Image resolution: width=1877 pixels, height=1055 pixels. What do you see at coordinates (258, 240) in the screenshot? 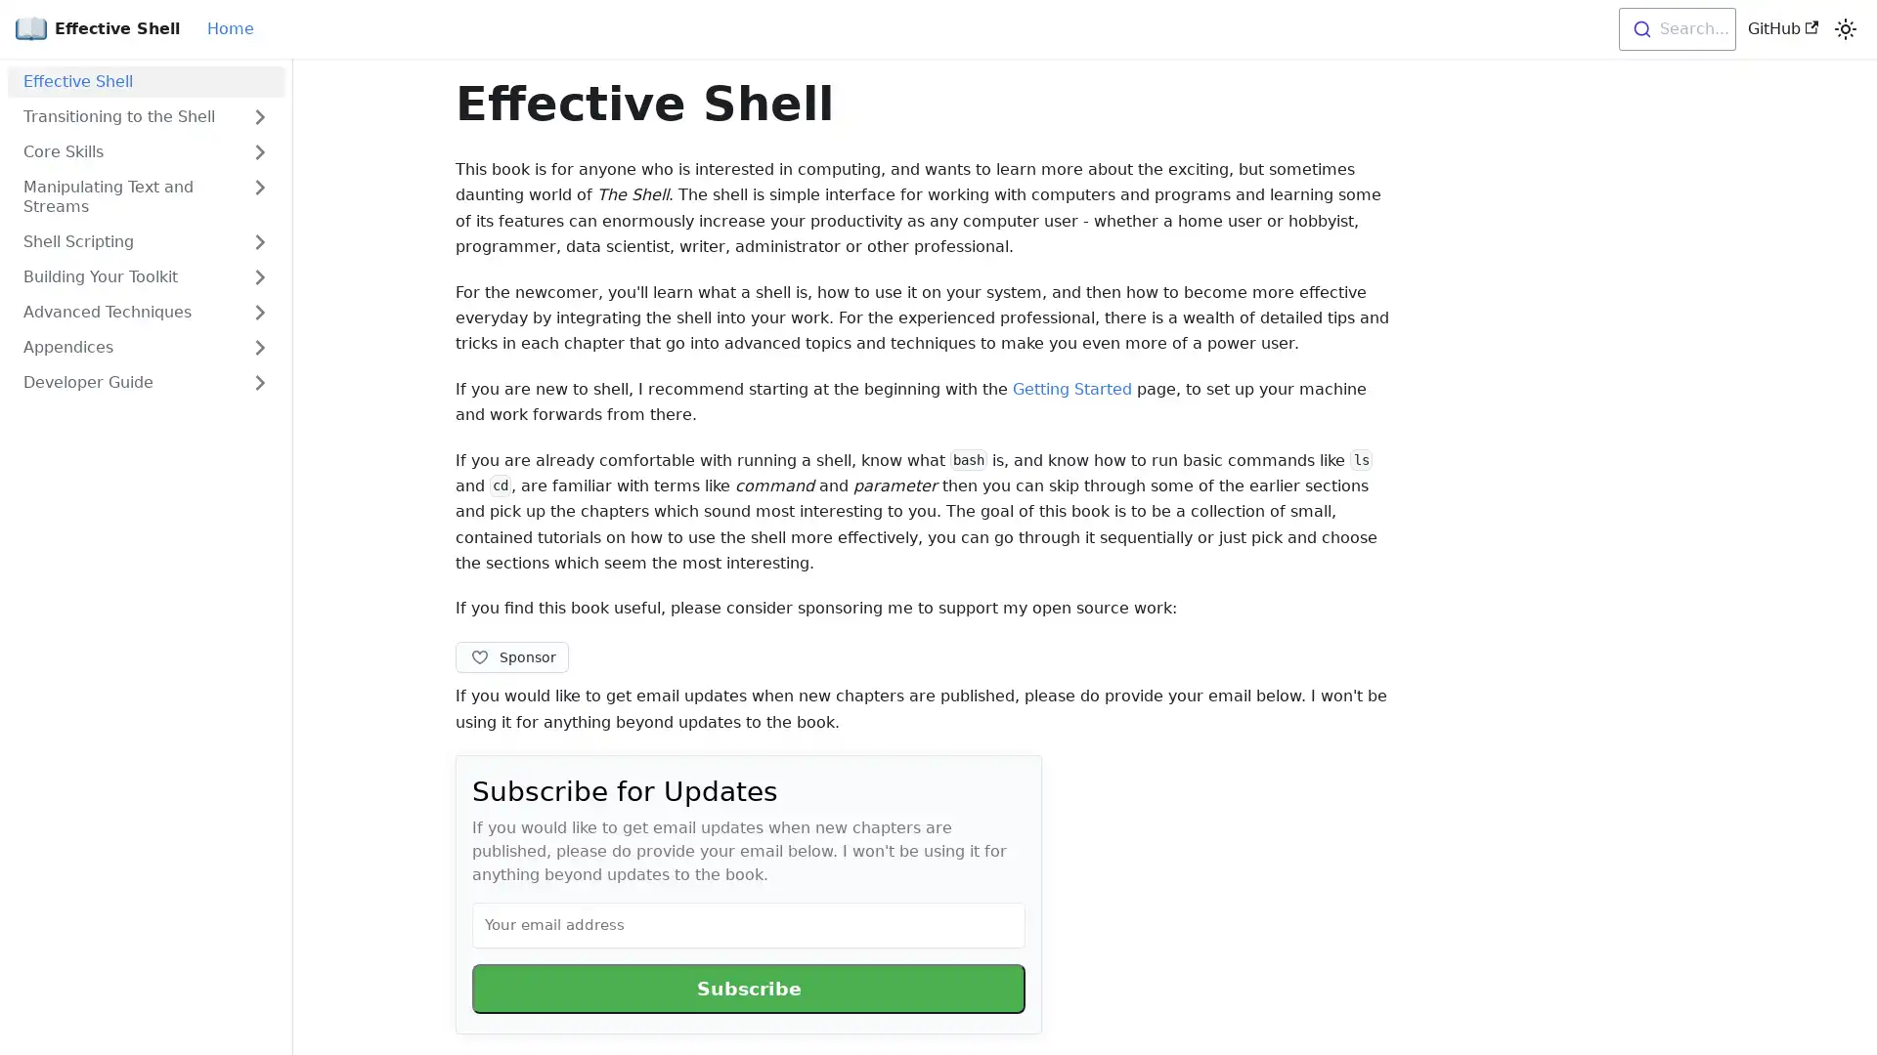
I see `Toggle the collapsible sidebar category 'Shell Scripting'` at bounding box center [258, 240].